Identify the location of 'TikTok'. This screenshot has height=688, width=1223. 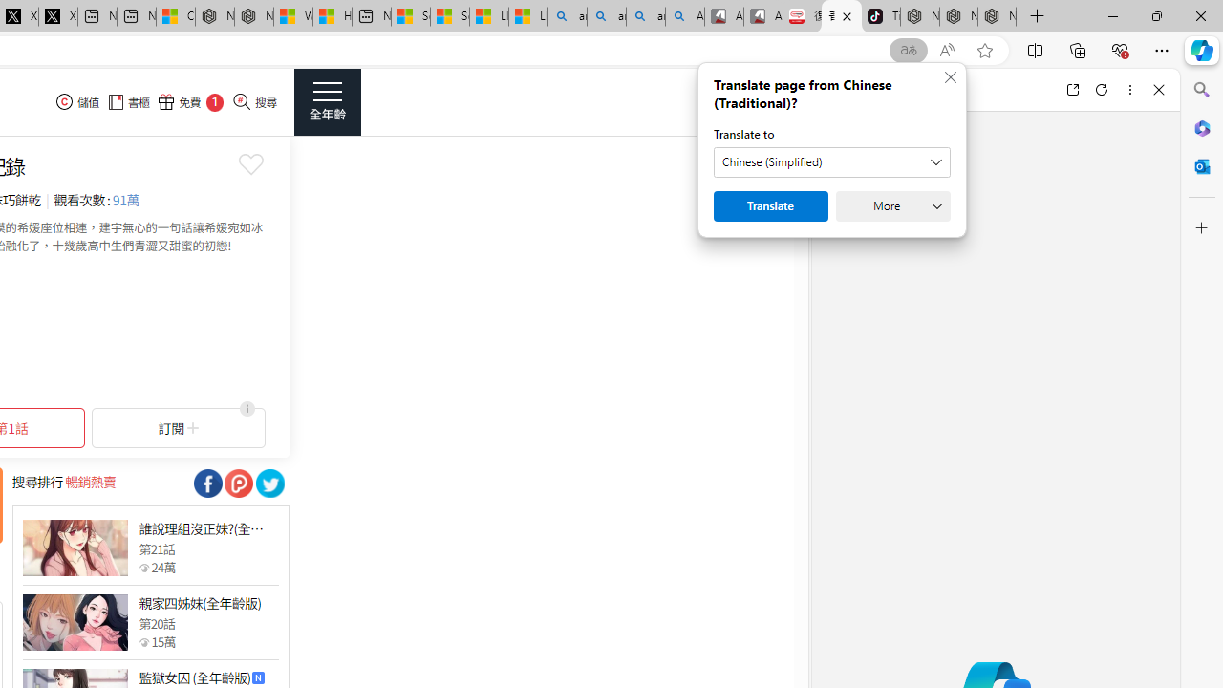
(880, 16).